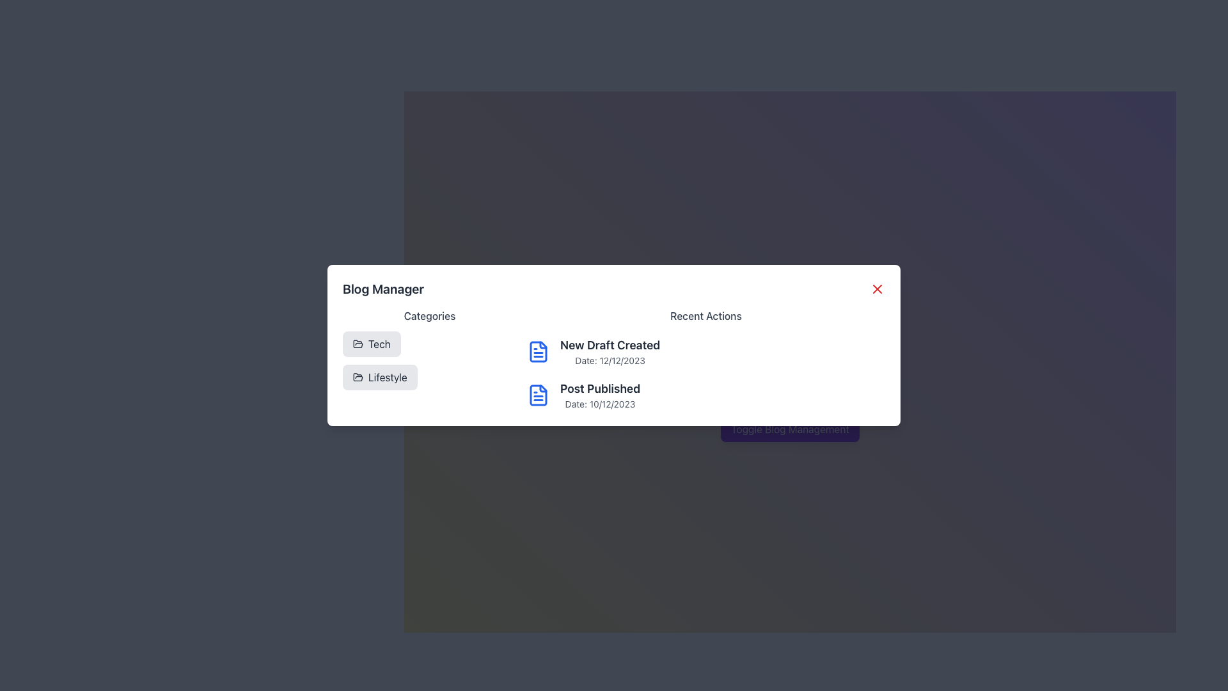  Describe the element at coordinates (599, 394) in the screenshot. I see `text displayed in the second Text block of the 'Recent Actions' section in the 'Blog Manager' dialog, which includes information about a published post` at that location.